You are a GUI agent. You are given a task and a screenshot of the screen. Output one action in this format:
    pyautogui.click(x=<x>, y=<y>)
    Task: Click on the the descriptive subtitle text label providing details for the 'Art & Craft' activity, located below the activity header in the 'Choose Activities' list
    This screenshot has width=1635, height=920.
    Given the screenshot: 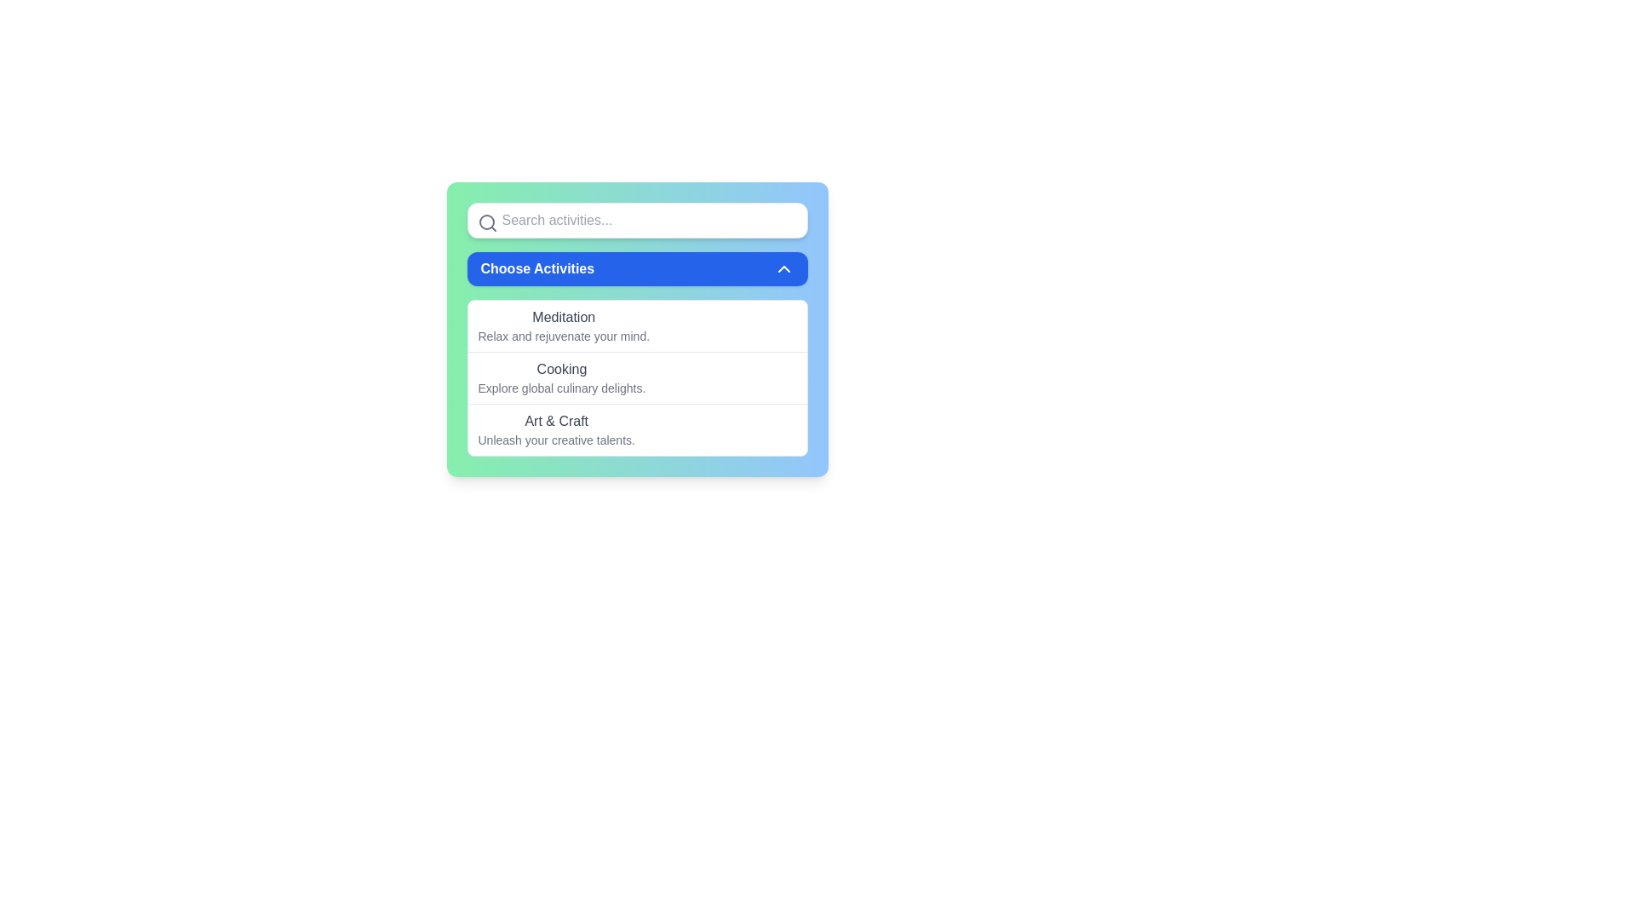 What is the action you would take?
    pyautogui.click(x=556, y=439)
    